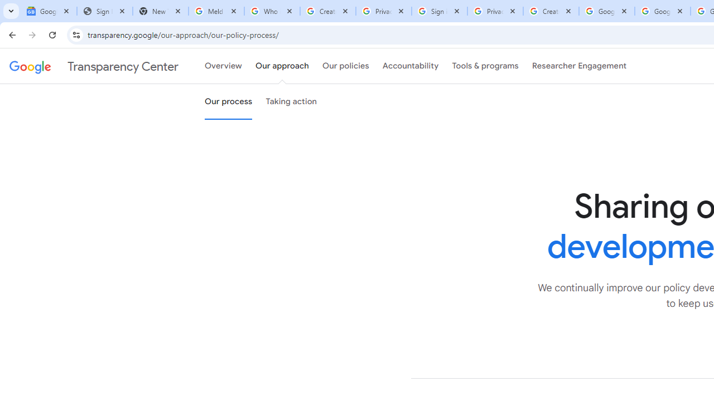 The width and height of the screenshot is (714, 401). Describe the element at coordinates (291, 102) in the screenshot. I see `'Taking action'` at that location.